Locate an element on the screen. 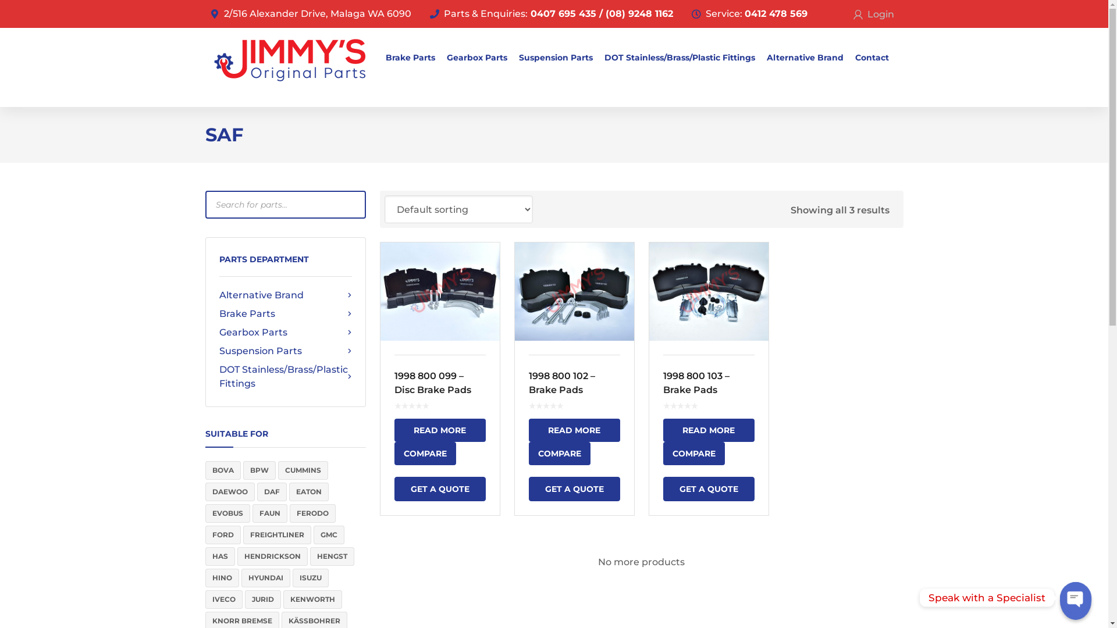  'IVECO' is located at coordinates (223, 599).